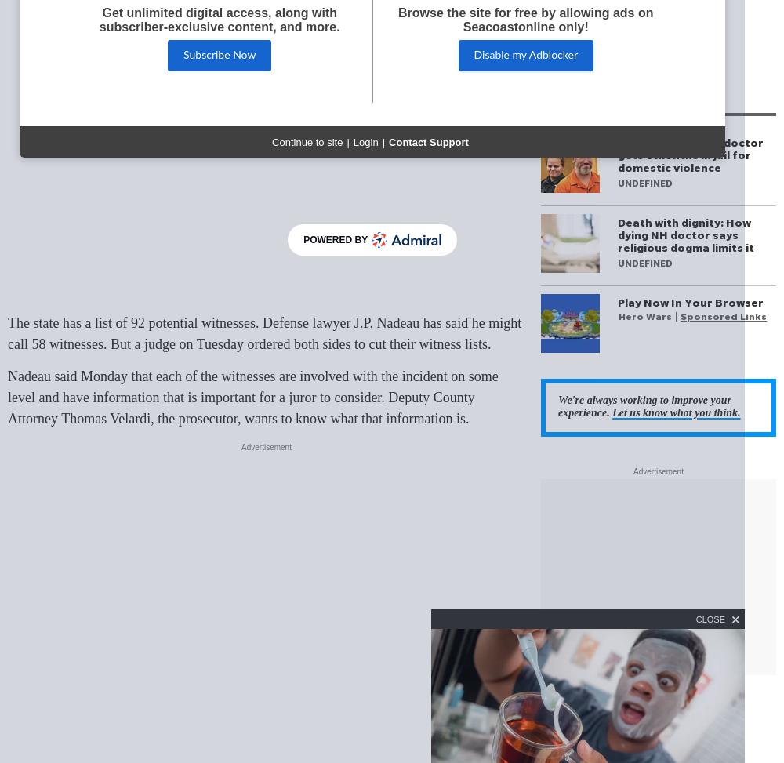 Image resolution: width=784 pixels, height=763 pixels. Describe the element at coordinates (219, 20) in the screenshot. I see `'Get unlimited digital access, along with subscriber-exclusive content, and more.'` at that location.